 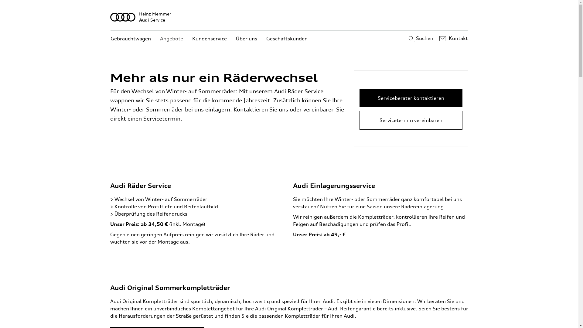 I want to click on 'Servicetermin vereinbaren', so click(x=411, y=120).